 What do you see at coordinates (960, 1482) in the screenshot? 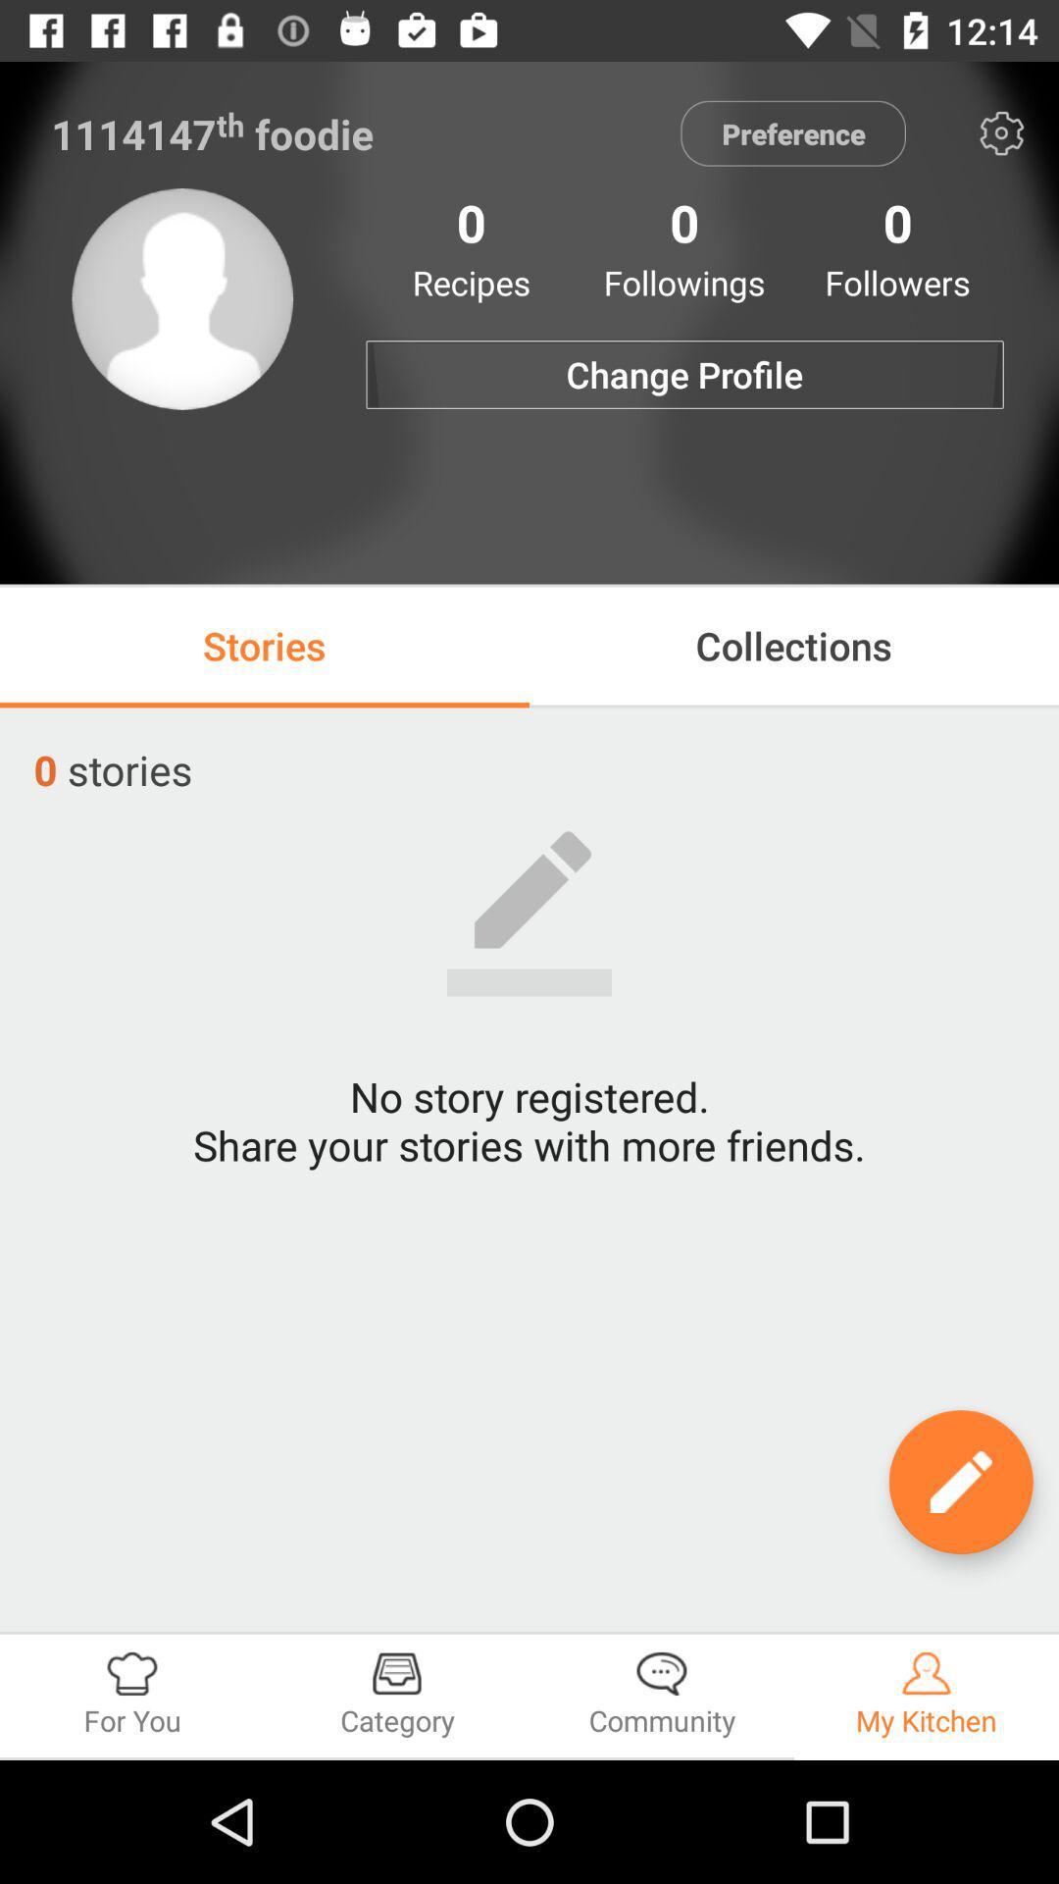
I see `a post` at bounding box center [960, 1482].